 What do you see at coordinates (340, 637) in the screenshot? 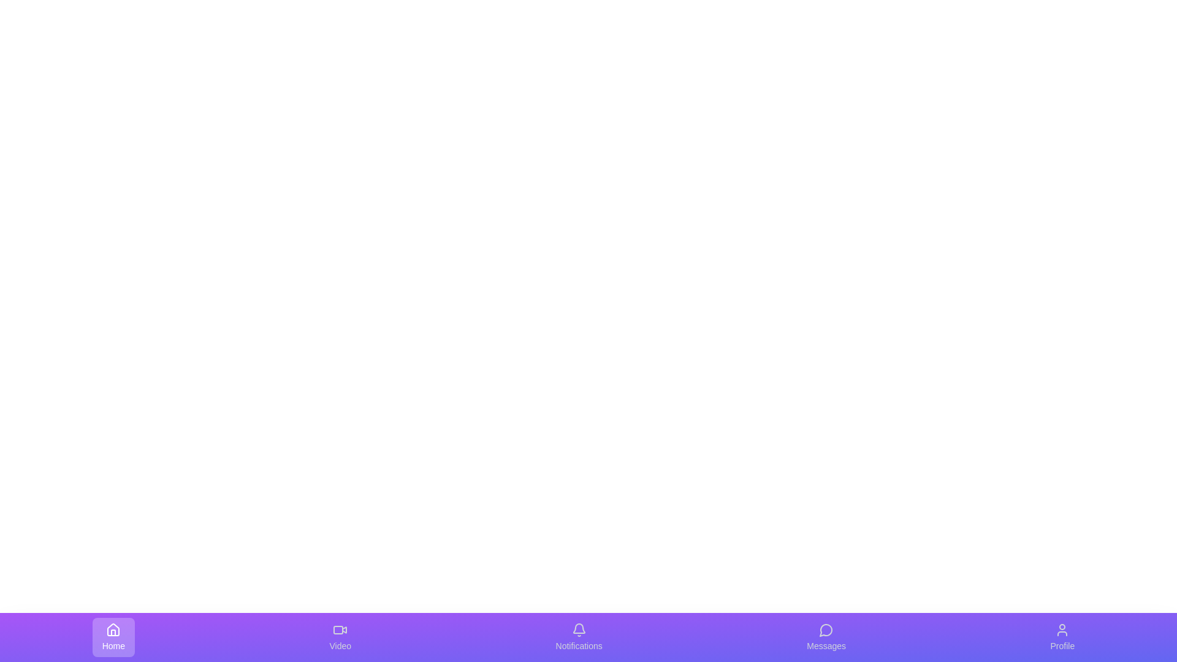
I see `the Video tab to navigate to its content` at bounding box center [340, 637].